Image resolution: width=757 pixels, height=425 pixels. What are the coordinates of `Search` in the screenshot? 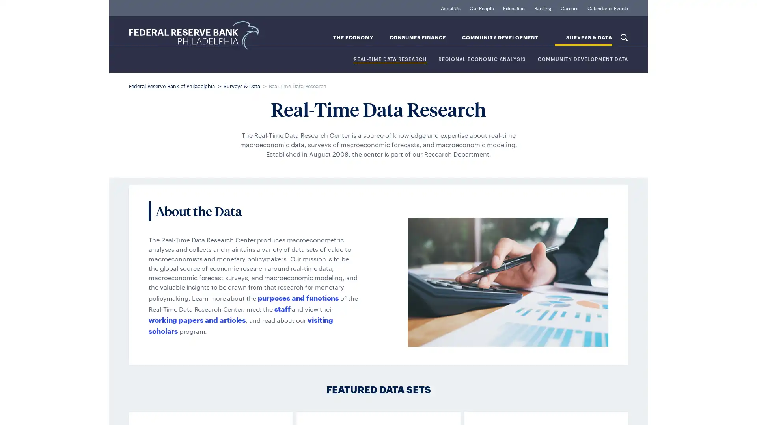 It's located at (624, 37).